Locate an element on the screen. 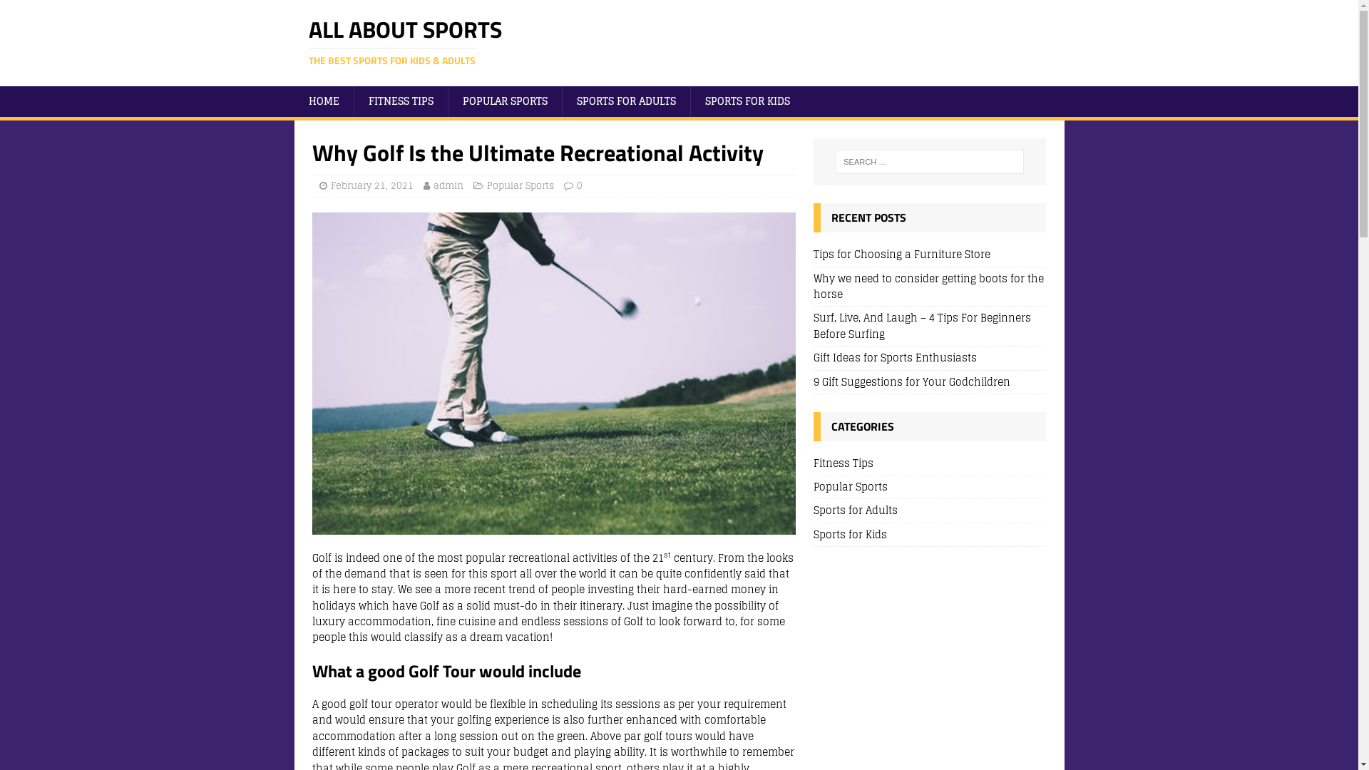  'February 21, 2021' is located at coordinates (372, 185).